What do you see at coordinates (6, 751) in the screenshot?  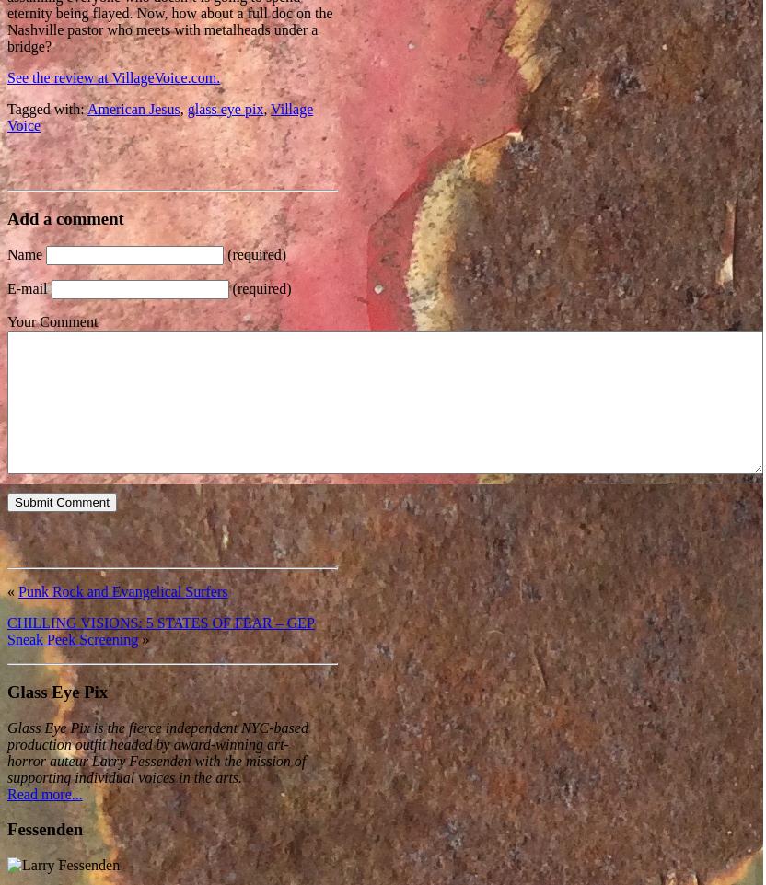 I see `'Glass Eye Pix is the fierce independent NYC-based production outfit headed by award-winning art-horror auteur Larry Fessenden with the mission of supporting individual voices in the arts.'` at bounding box center [6, 751].